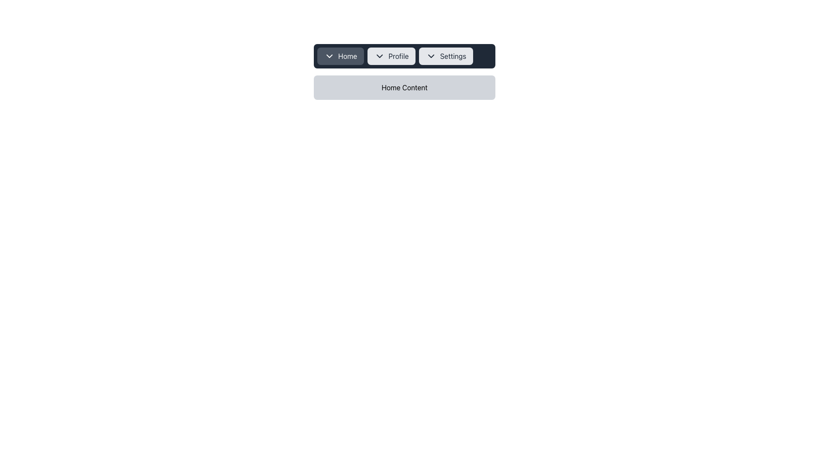 The height and width of the screenshot is (471, 838). Describe the element at coordinates (431, 56) in the screenshot. I see `the Dropdown Icon next to the 'Settings' label` at that location.